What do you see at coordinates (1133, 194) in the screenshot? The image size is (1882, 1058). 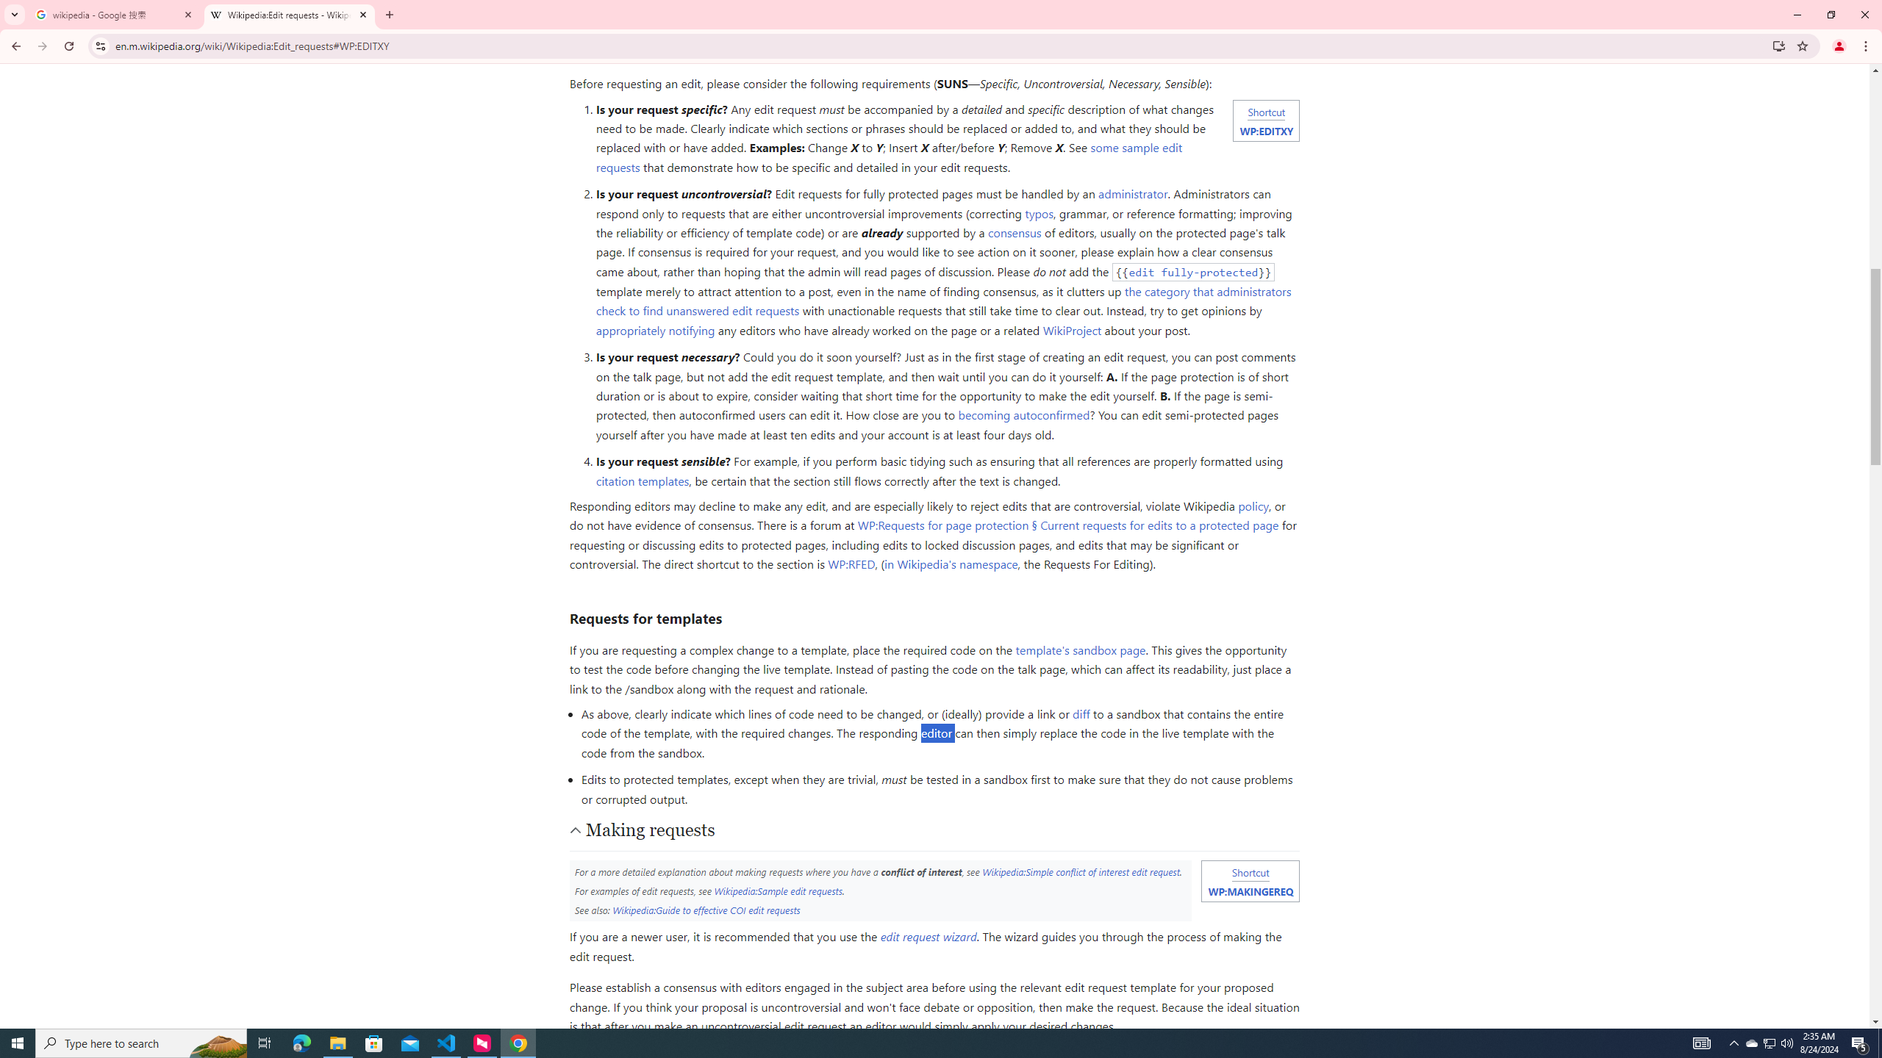 I see `'administrator'` at bounding box center [1133, 194].